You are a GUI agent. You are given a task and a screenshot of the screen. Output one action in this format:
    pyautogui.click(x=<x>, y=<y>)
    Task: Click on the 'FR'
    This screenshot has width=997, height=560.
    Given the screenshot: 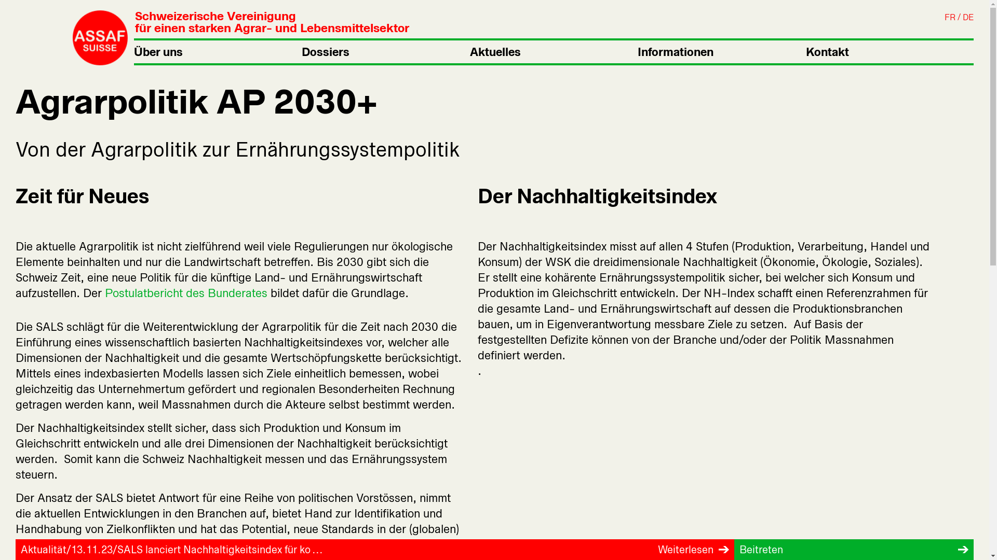 What is the action you would take?
    pyautogui.click(x=950, y=17)
    